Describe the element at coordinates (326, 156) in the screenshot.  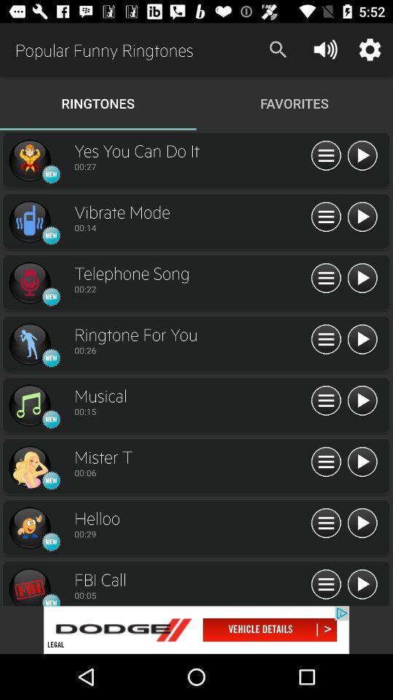
I see `side menu` at that location.